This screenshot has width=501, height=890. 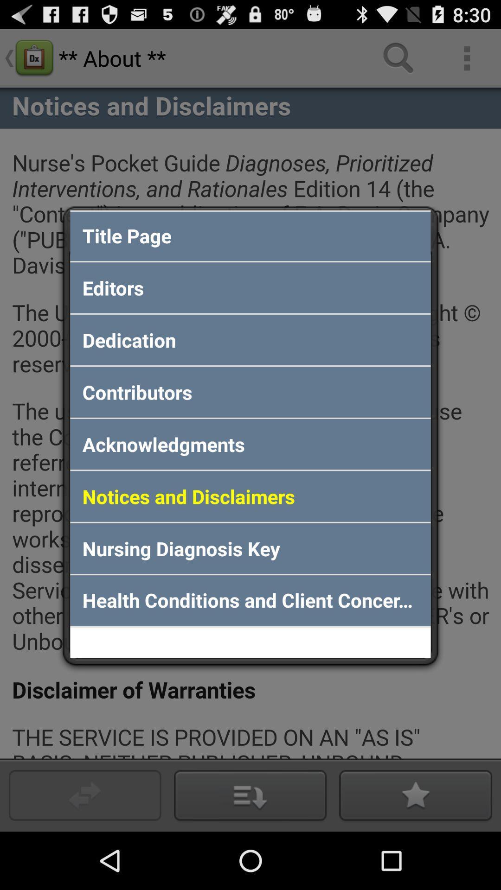 I want to click on the dedication app, so click(x=250, y=339).